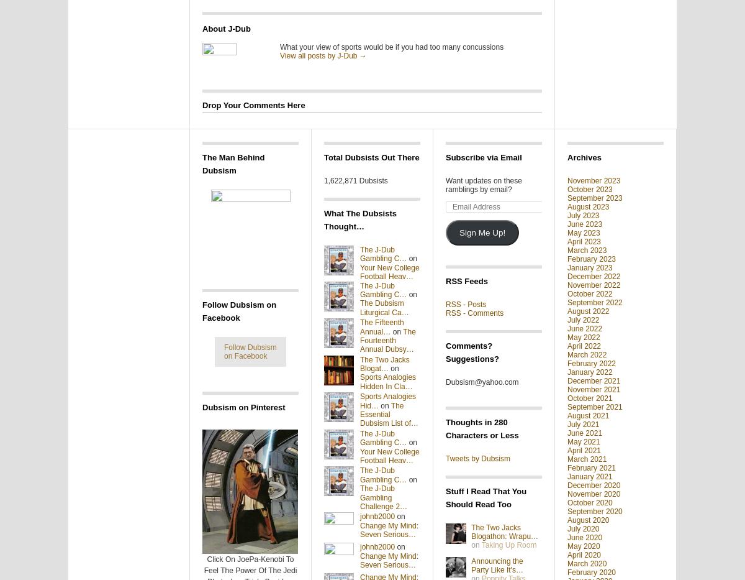 The height and width of the screenshot is (580, 745). What do you see at coordinates (567, 311) in the screenshot?
I see `'August 2022'` at bounding box center [567, 311].